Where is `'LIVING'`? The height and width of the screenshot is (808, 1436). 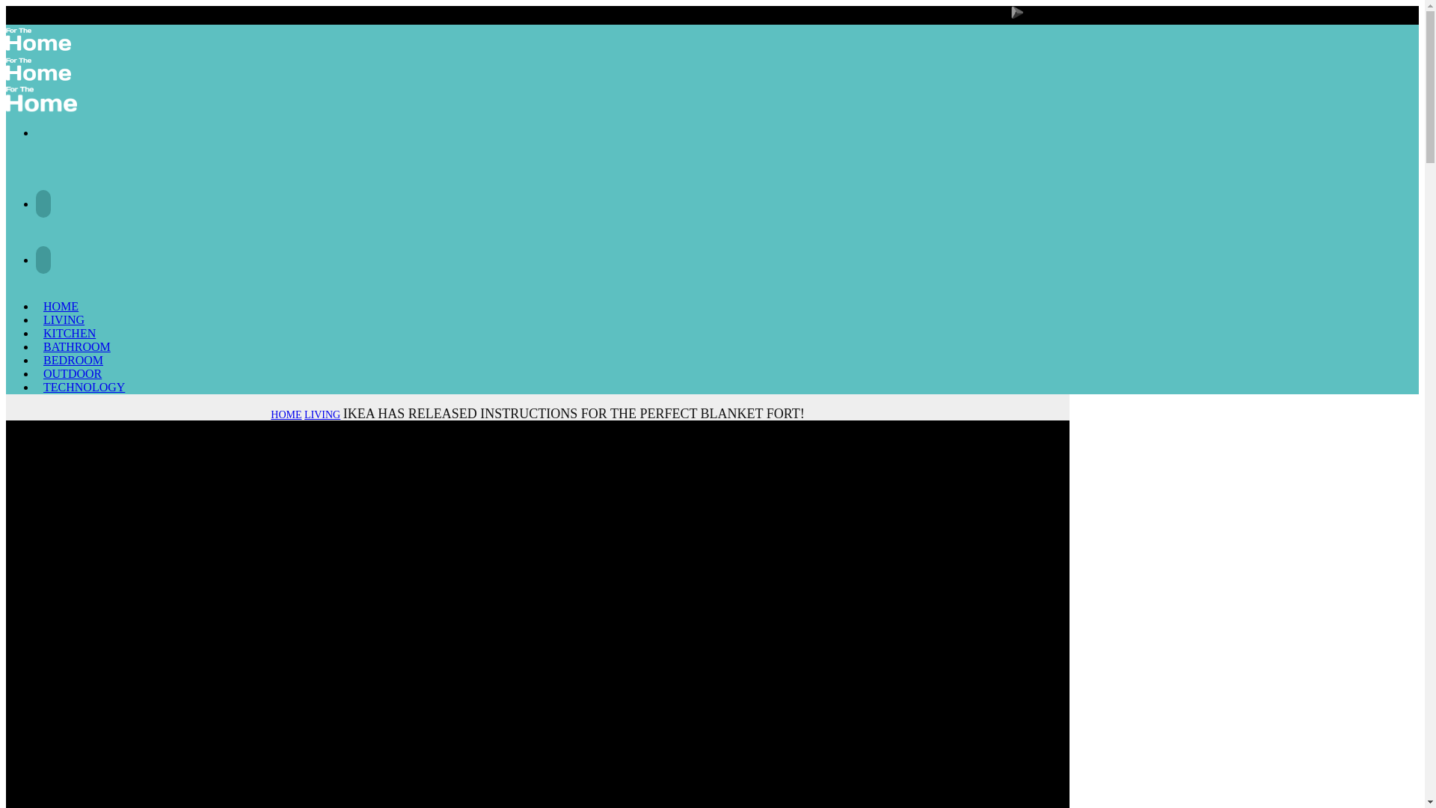 'LIVING' is located at coordinates (322, 414).